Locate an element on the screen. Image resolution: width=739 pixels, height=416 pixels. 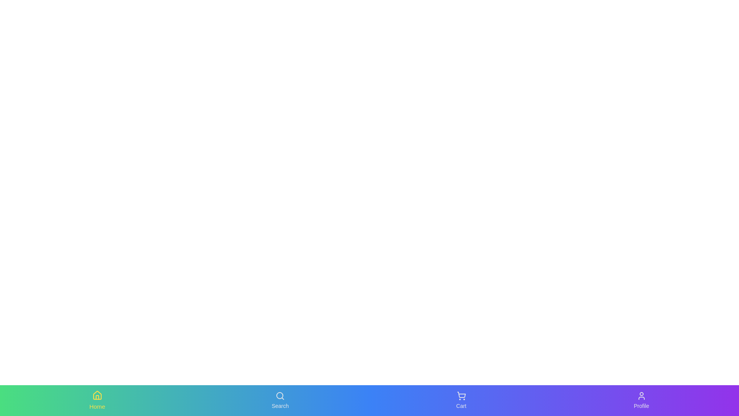
the Navigation bar is located at coordinates (369, 400).